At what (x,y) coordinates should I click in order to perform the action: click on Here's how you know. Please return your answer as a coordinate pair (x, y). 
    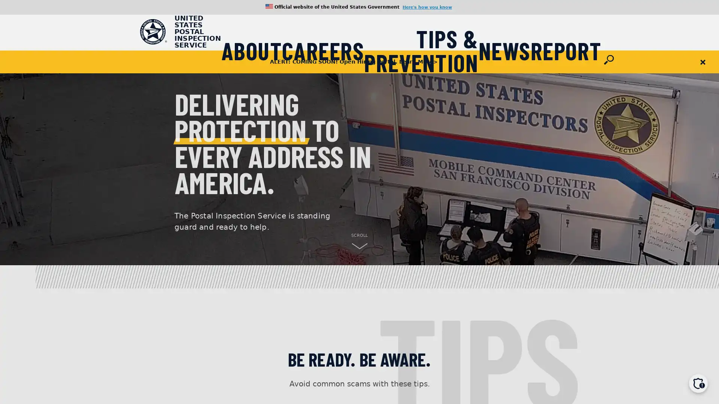
    Looking at the image, I should click on (427, 7).